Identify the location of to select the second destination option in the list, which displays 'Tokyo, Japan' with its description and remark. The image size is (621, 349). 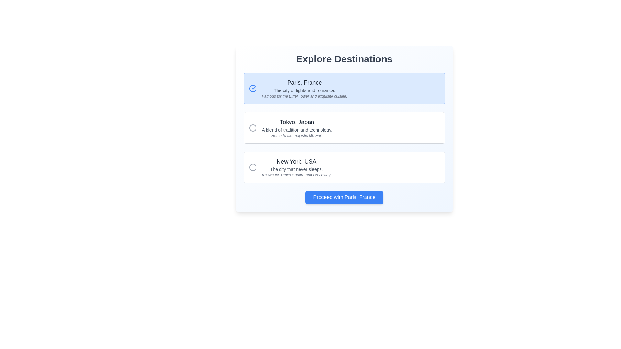
(344, 128).